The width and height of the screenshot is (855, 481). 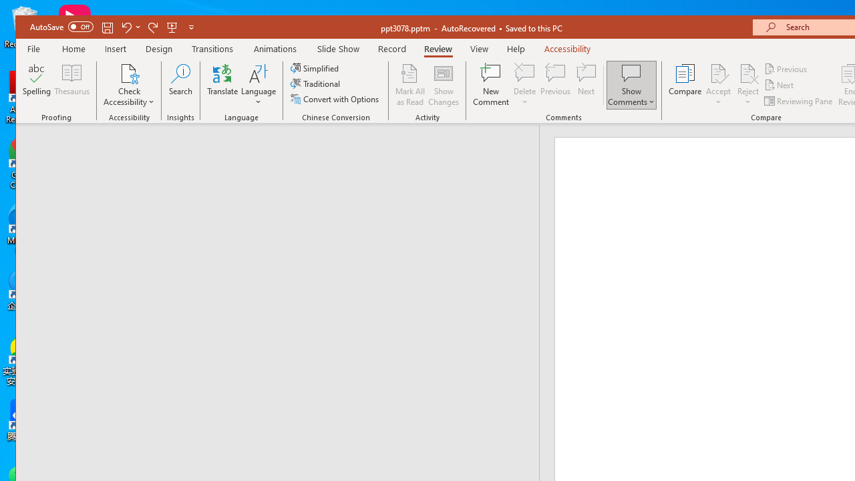 I want to click on 'Check Accessibility', so click(x=129, y=85).